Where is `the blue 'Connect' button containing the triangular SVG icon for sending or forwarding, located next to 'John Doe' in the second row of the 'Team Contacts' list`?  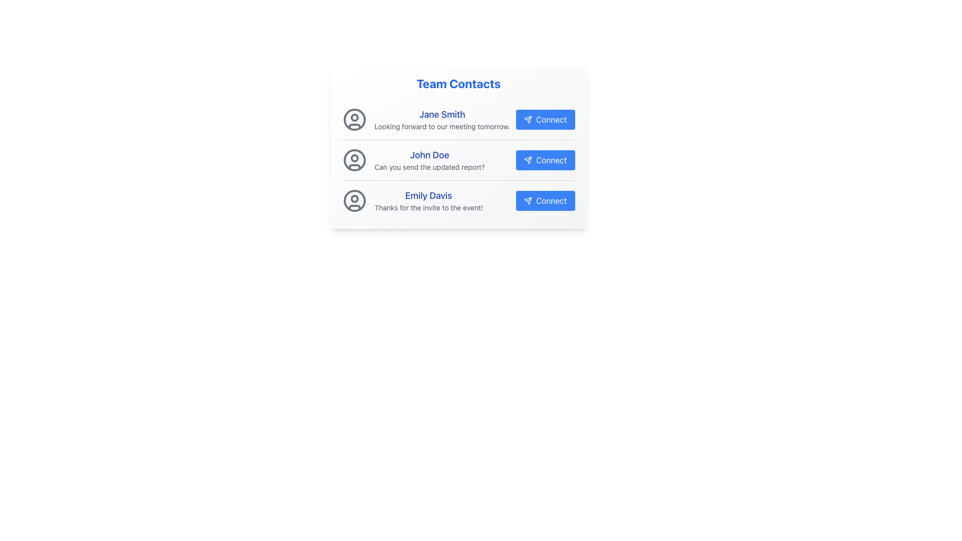 the blue 'Connect' button containing the triangular SVG icon for sending or forwarding, located next to 'John Doe' in the second row of the 'Team Contacts' list is located at coordinates (528, 159).